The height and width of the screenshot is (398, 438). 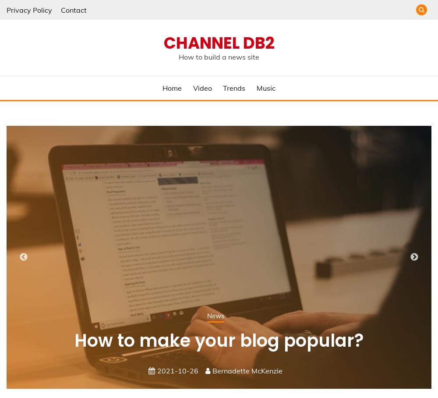 I want to click on 'Trends', so click(x=234, y=88).